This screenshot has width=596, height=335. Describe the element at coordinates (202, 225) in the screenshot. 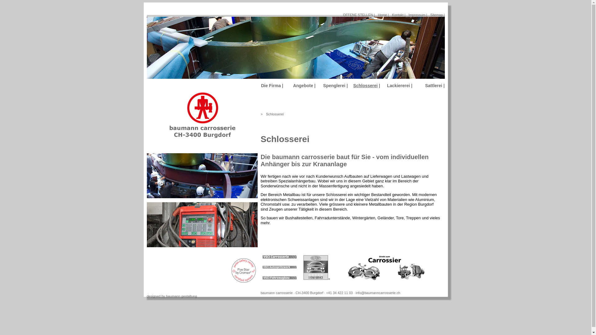

I see `'modernste elektronische Schweissanlage'` at that location.